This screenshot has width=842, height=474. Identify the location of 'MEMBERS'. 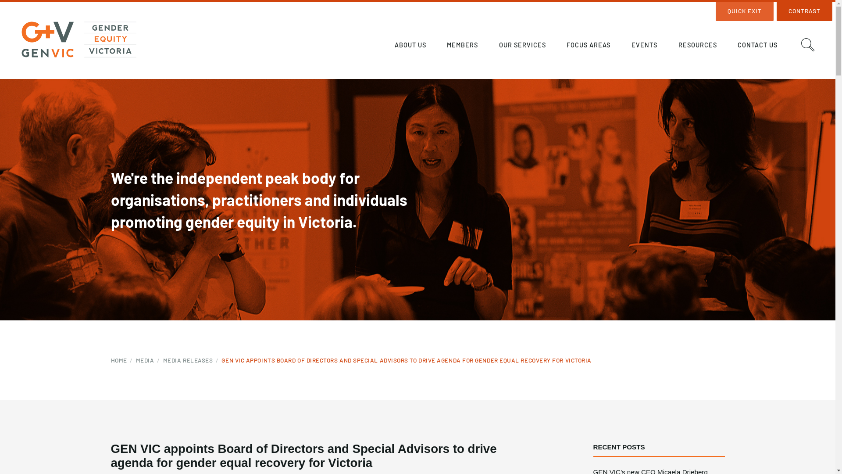
(462, 46).